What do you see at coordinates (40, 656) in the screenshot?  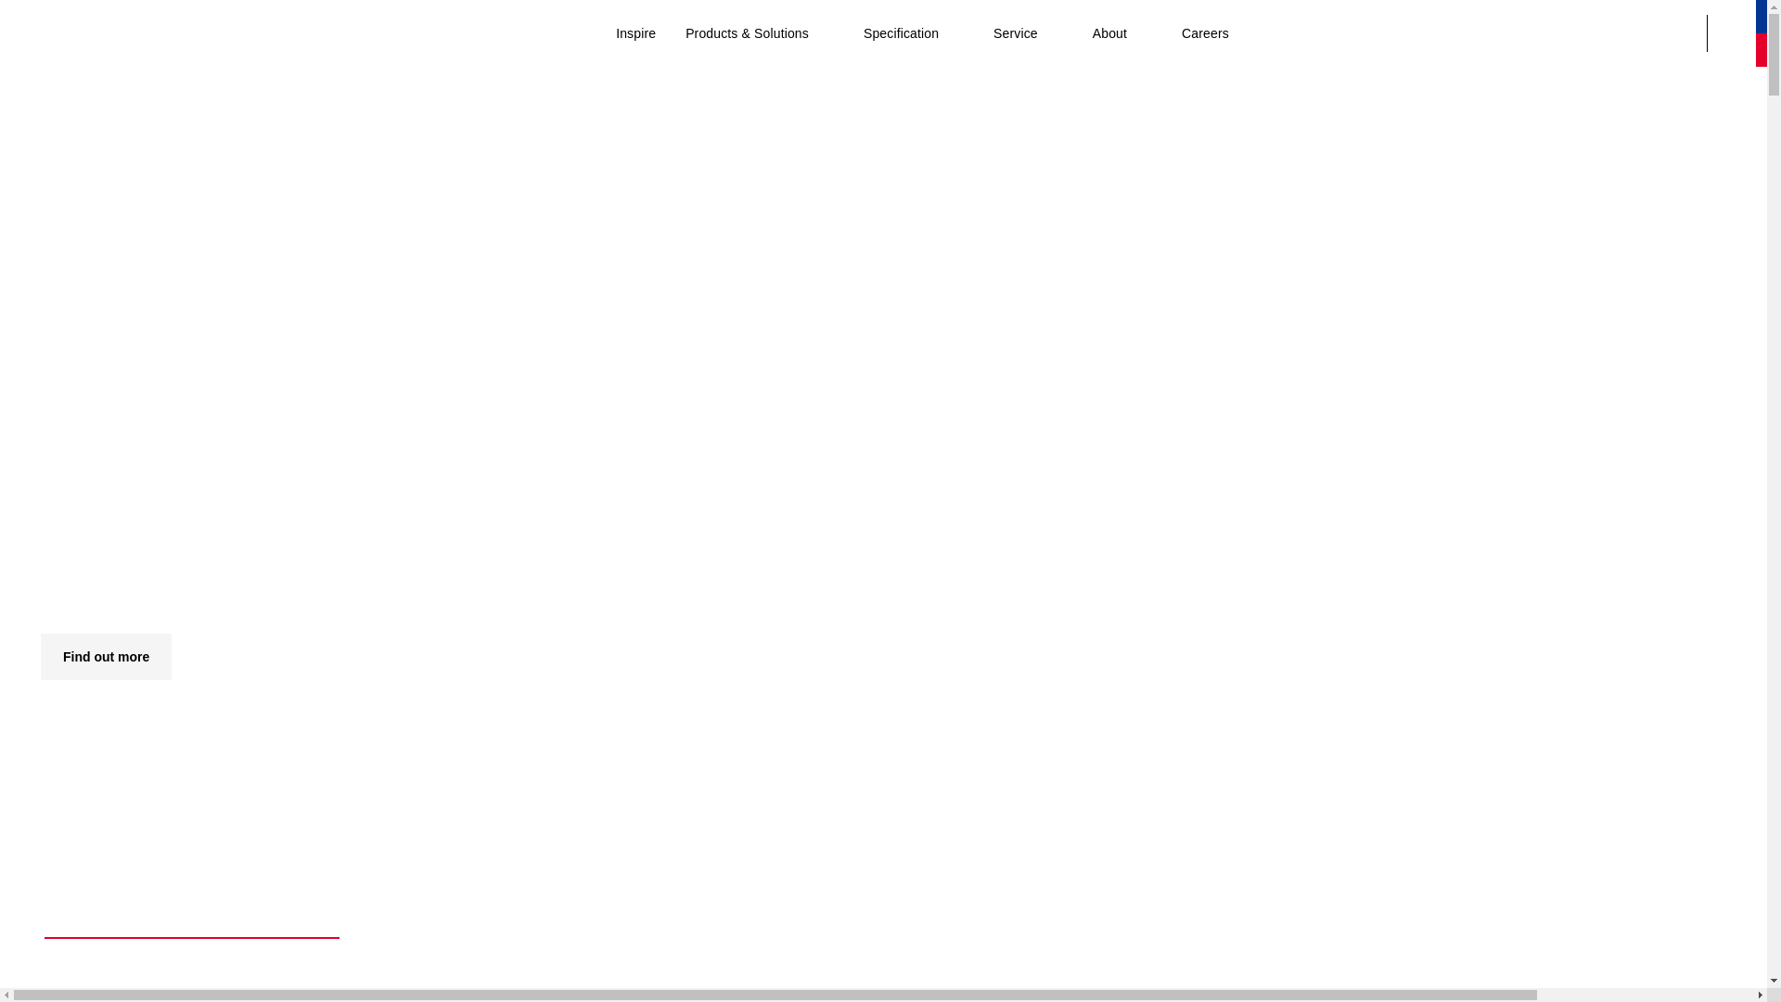 I see `'Find out more'` at bounding box center [40, 656].